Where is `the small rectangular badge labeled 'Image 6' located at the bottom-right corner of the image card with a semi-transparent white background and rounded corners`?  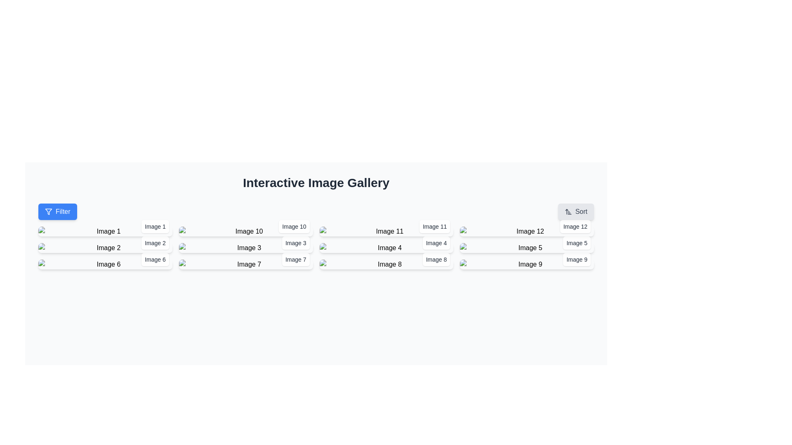
the small rectangular badge labeled 'Image 6' located at the bottom-right corner of the image card with a semi-transparent white background and rounded corners is located at coordinates (155, 259).